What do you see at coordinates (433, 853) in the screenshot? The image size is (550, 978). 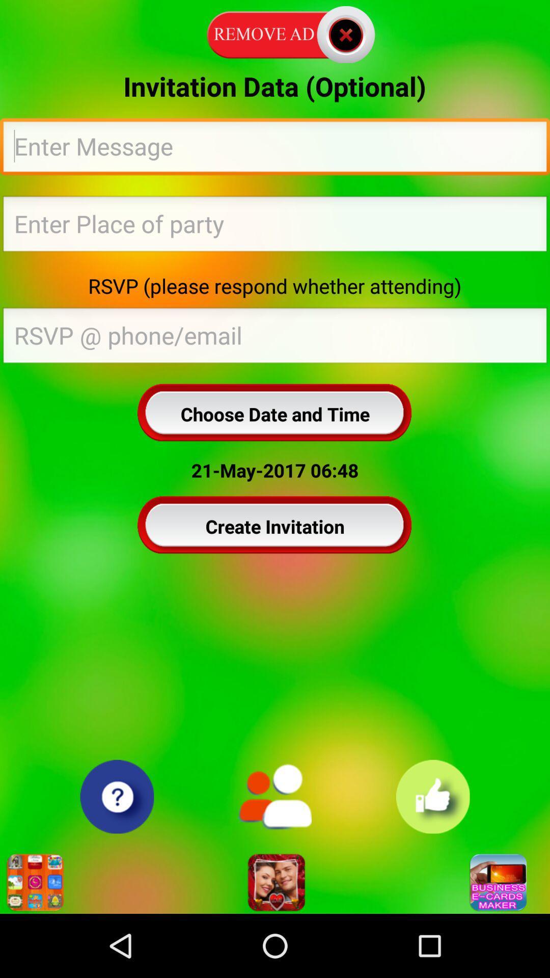 I see `the thumbs_up icon` at bounding box center [433, 853].